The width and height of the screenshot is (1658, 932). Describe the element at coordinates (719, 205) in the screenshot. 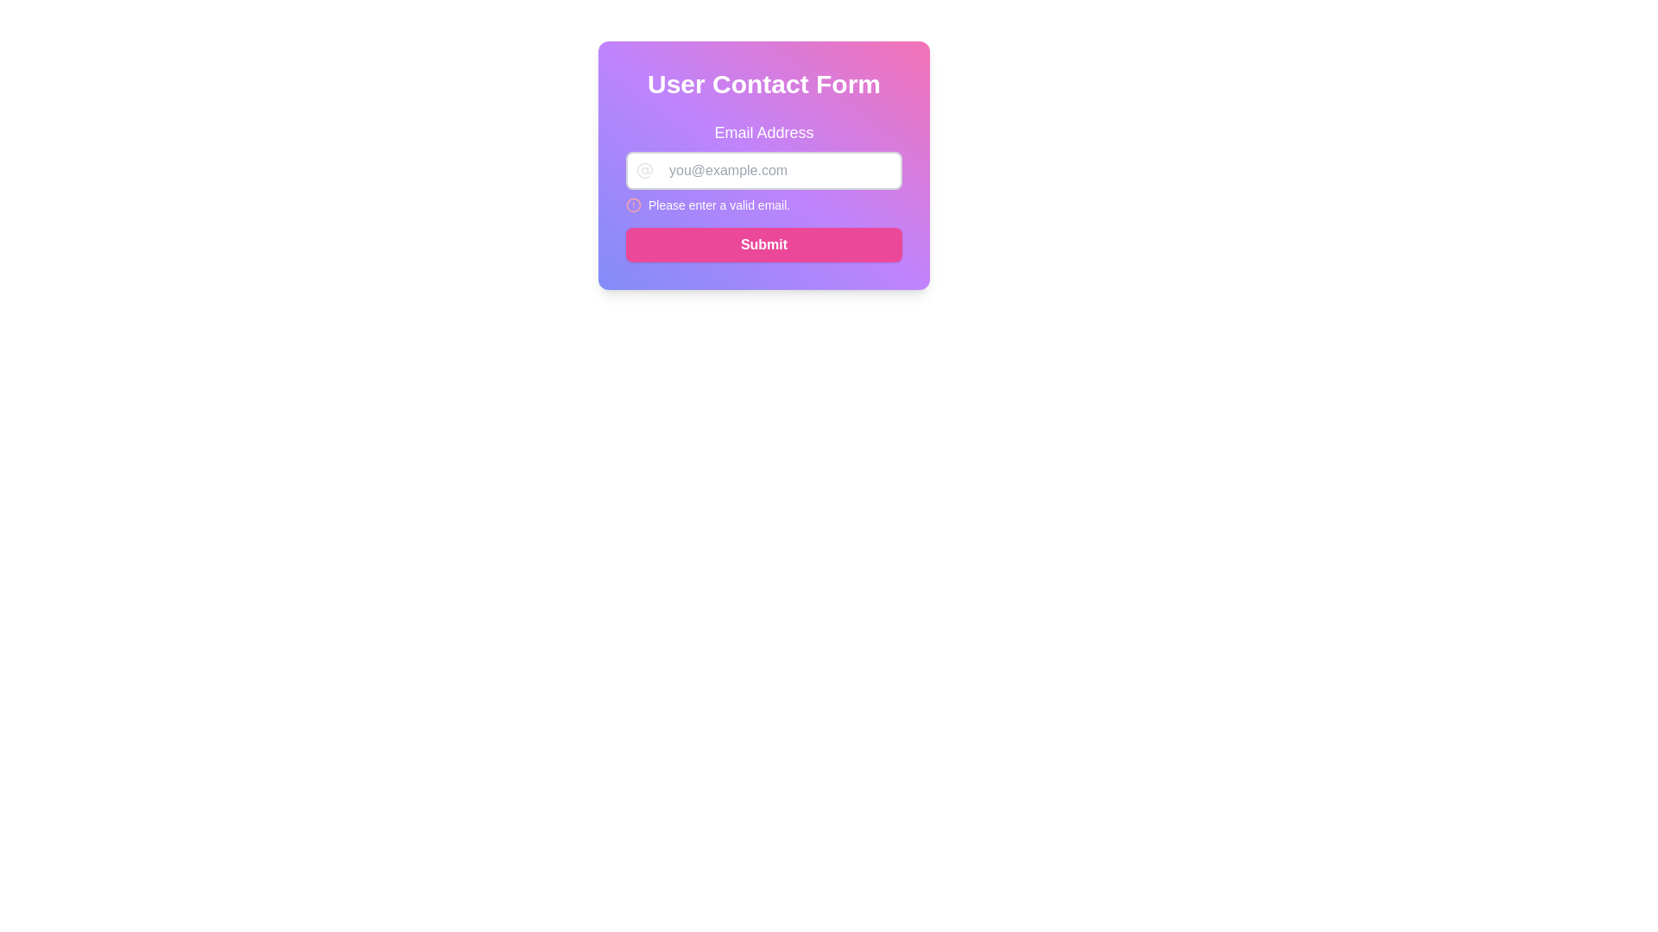

I see `the error feedback text label that instructs the user to enter a valid email address, which is positioned beneath the email input field and to the right of a red circular alert icon` at that location.